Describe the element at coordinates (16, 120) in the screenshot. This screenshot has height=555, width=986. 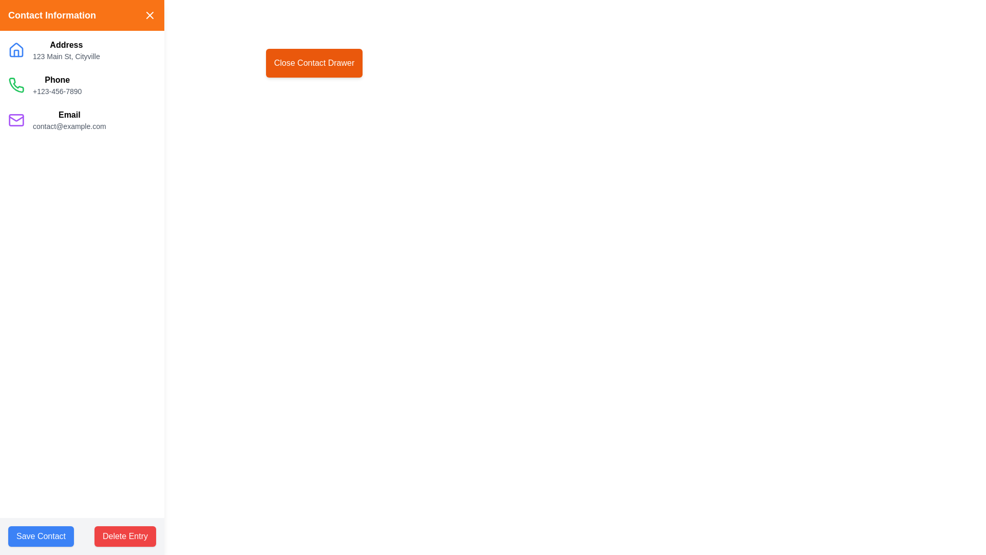
I see `the rectangular SVG element that forms the base of the email icon, which is part of the envelope representation in the sidebar` at that location.